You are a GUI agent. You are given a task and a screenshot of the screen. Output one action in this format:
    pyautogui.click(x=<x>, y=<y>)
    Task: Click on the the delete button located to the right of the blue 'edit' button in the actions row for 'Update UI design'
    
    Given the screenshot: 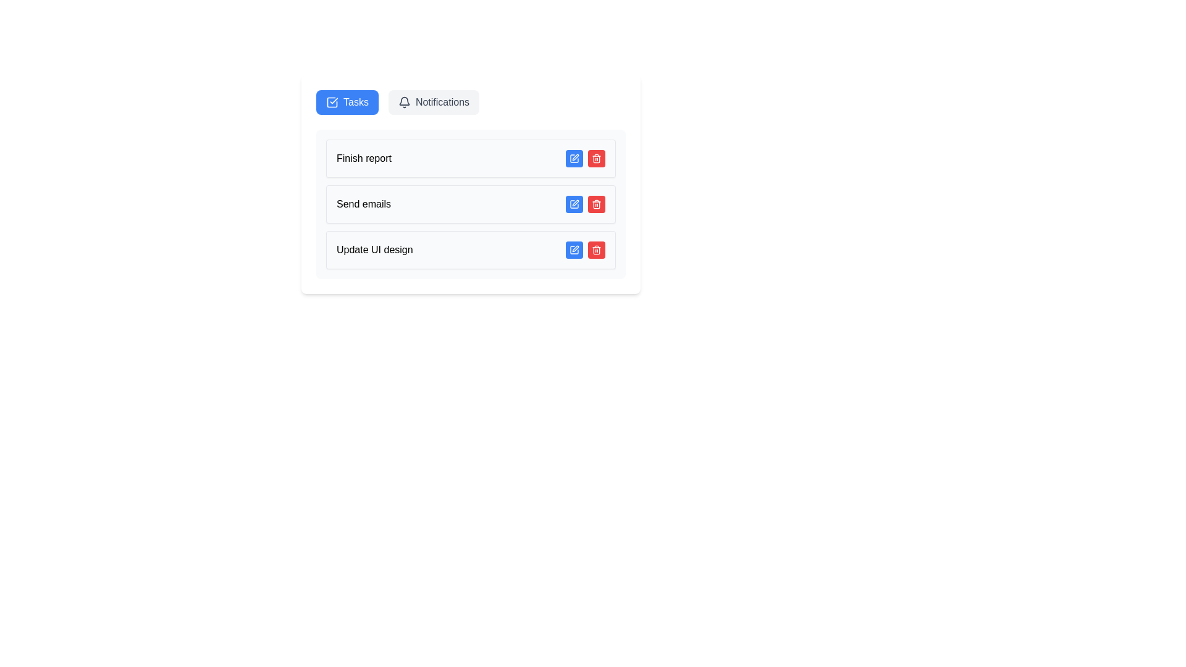 What is the action you would take?
    pyautogui.click(x=596, y=250)
    